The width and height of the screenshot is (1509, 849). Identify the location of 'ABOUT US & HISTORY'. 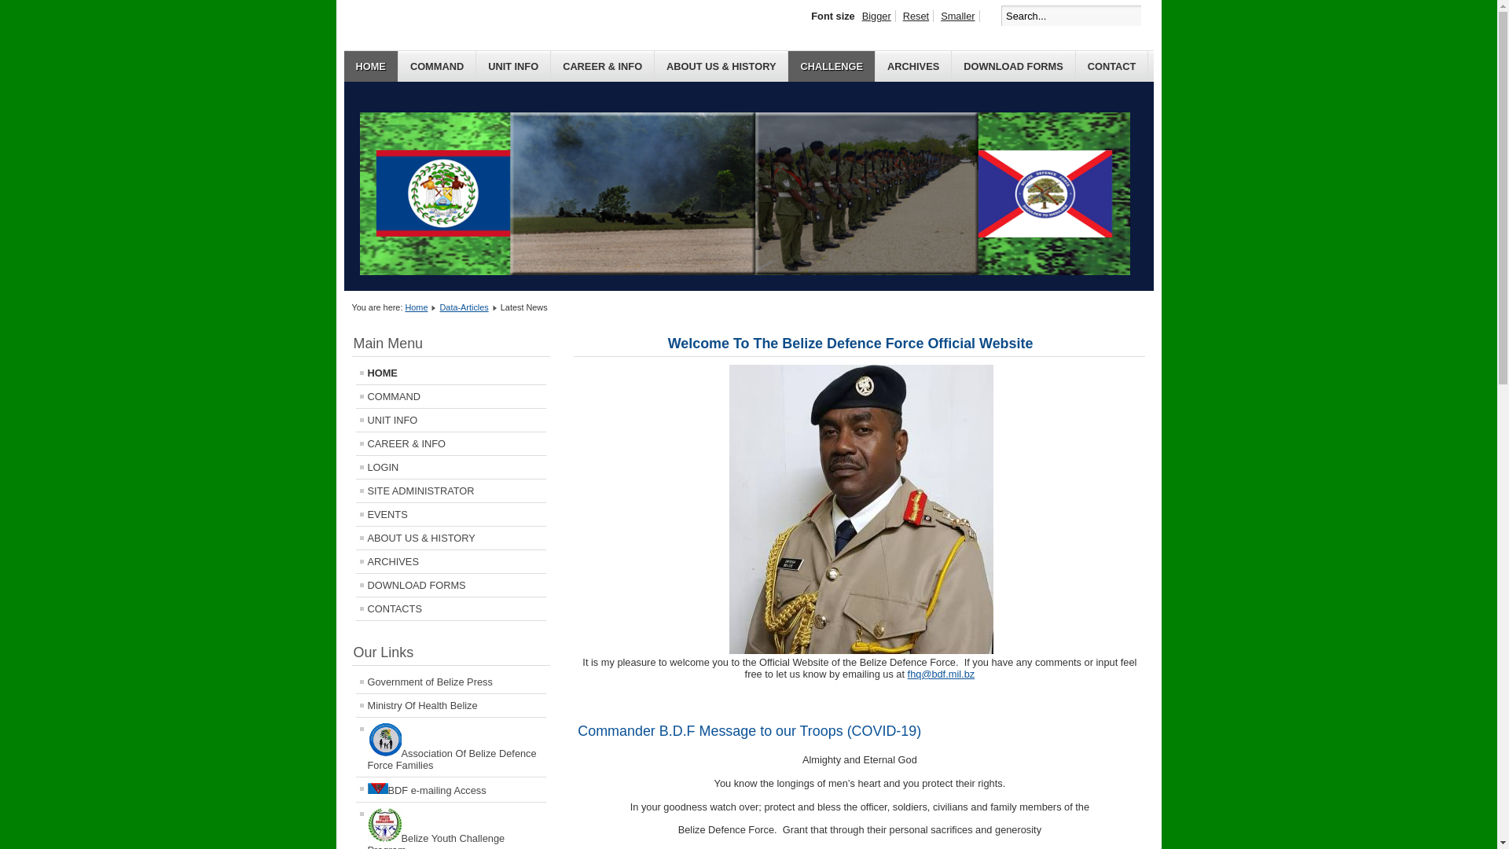
(720, 65).